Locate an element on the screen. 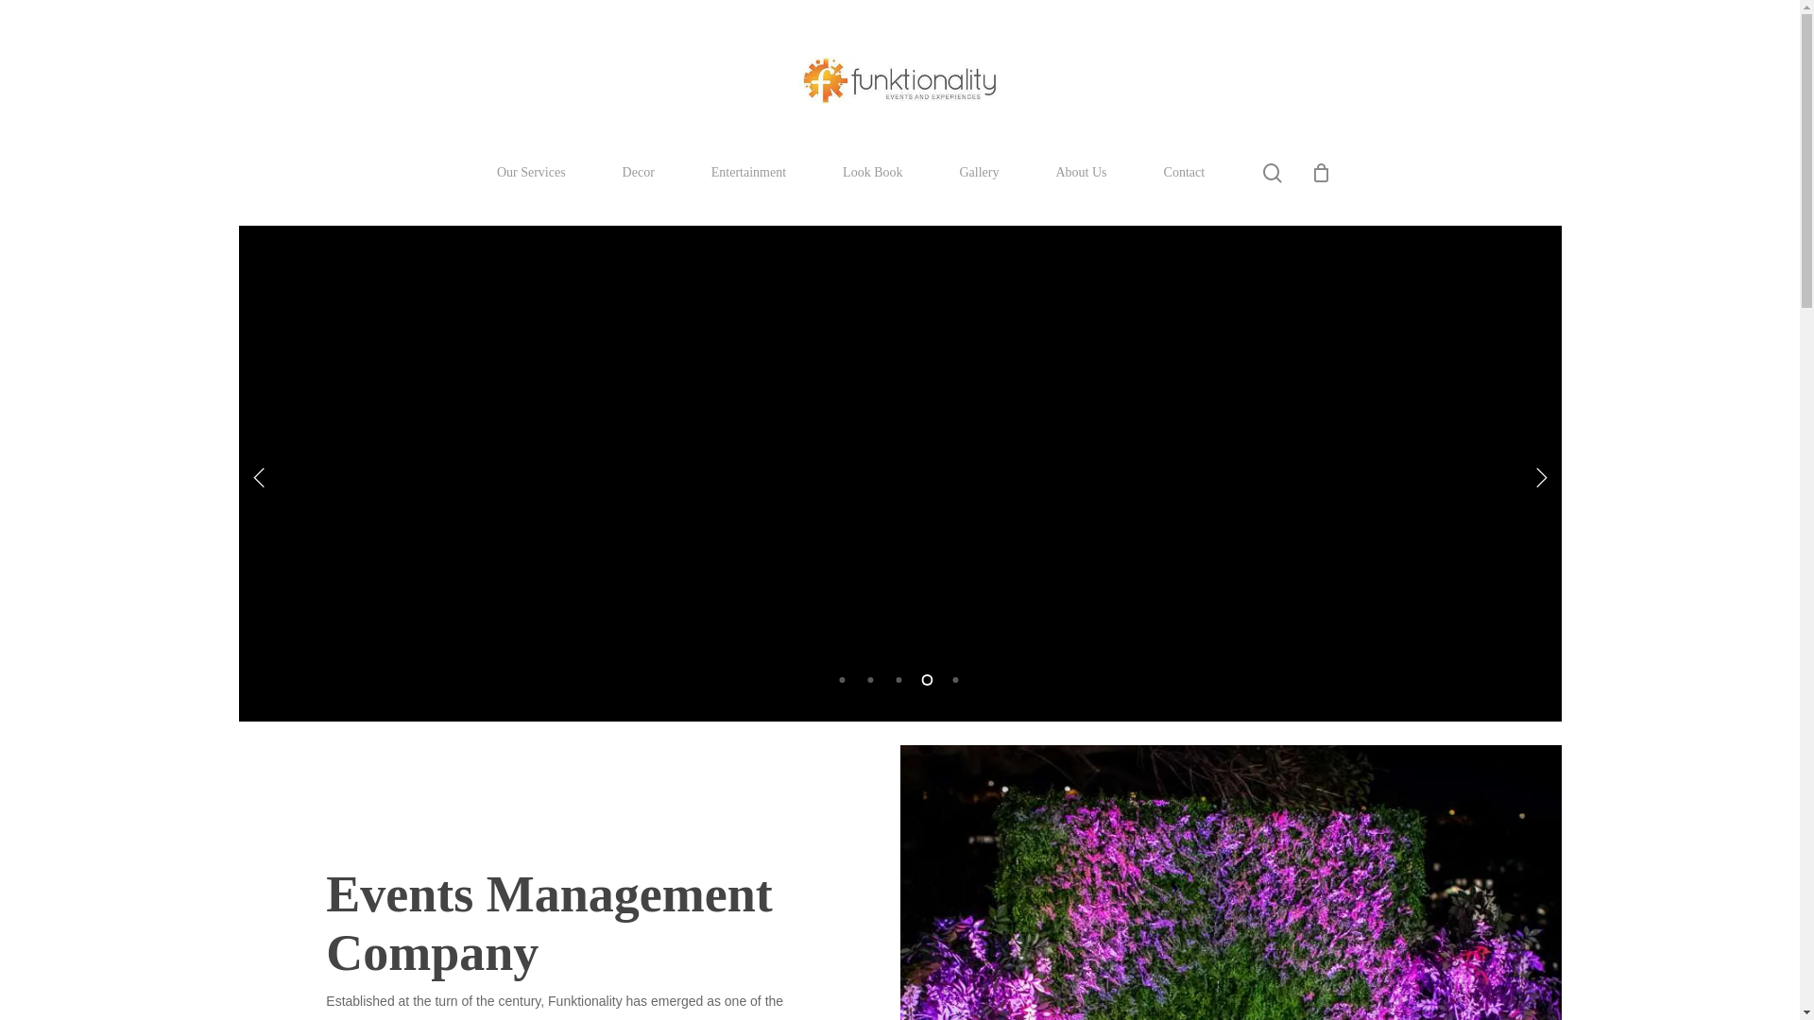 Image resolution: width=1814 pixels, height=1020 pixels. 'Entertainment' is located at coordinates (710, 172).